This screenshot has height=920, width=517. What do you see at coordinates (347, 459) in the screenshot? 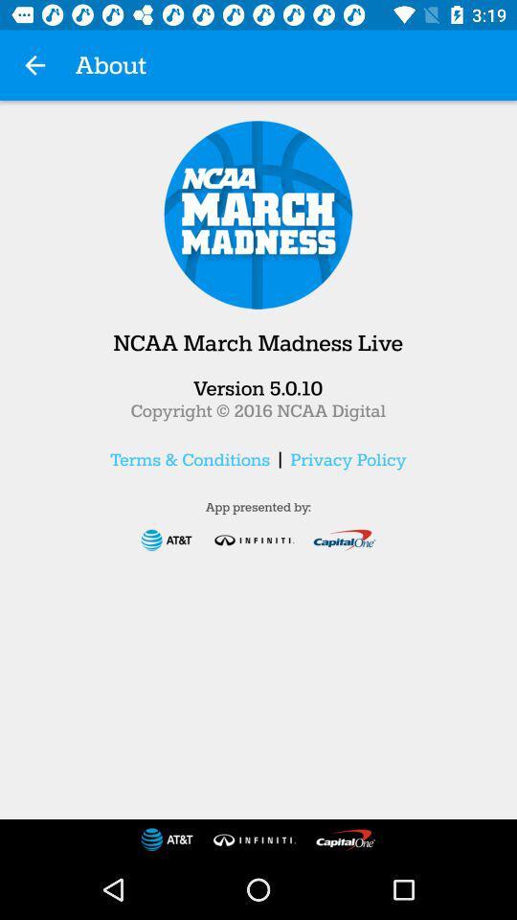
I see `the privacy policy` at bounding box center [347, 459].